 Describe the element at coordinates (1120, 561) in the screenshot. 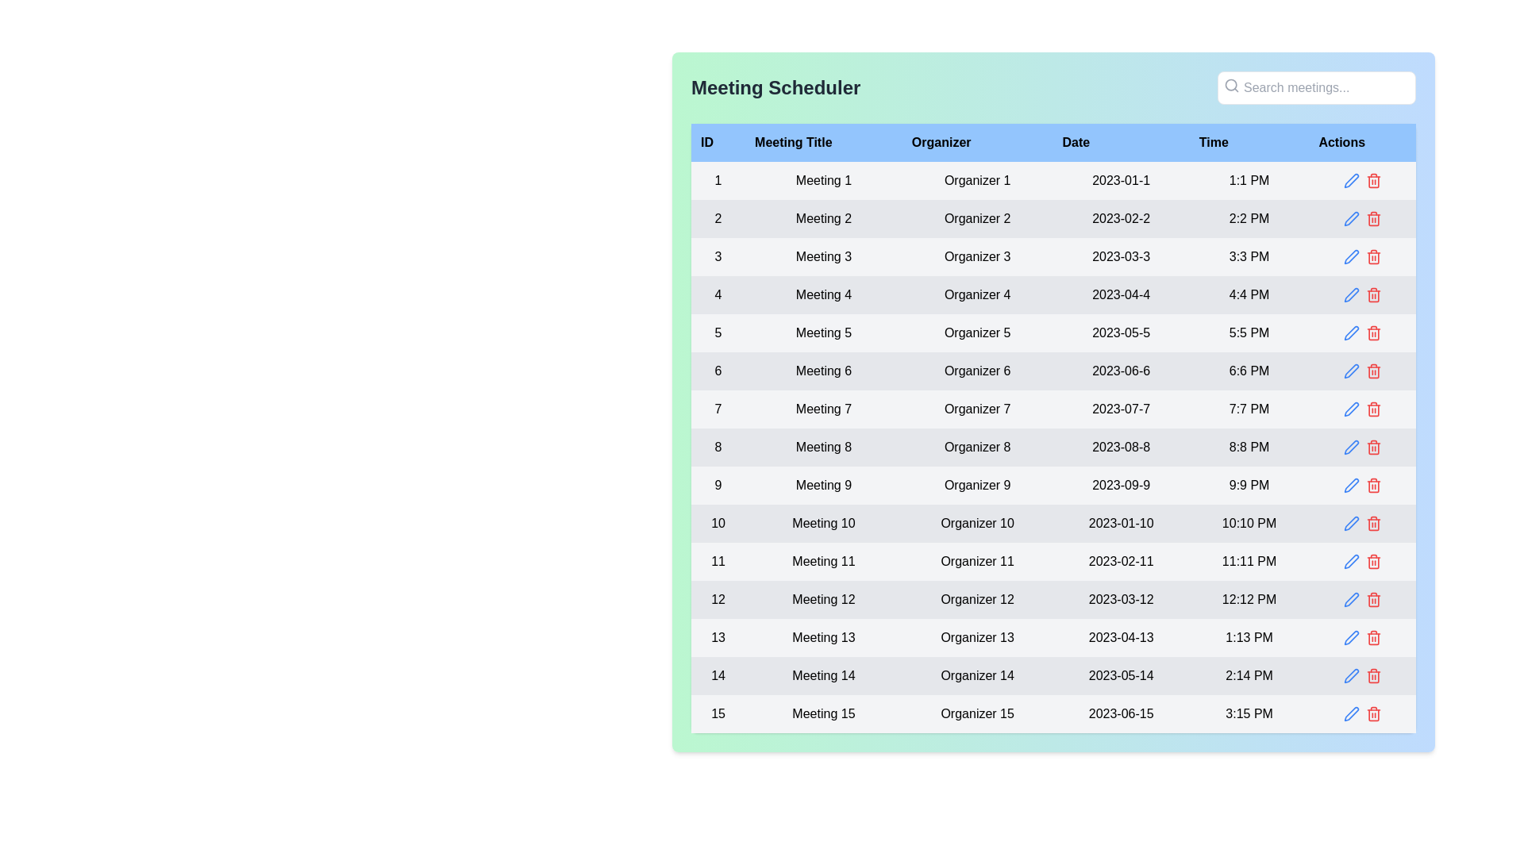

I see `text label displaying the date '2023-02-11' in black font, located in the 'Date' column of the table for 'Meeting 11'` at that location.